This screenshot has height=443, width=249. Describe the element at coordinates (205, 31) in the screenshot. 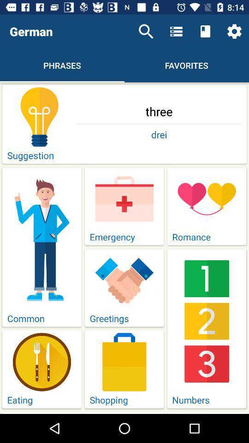

I see `the icon next to menu icon` at that location.